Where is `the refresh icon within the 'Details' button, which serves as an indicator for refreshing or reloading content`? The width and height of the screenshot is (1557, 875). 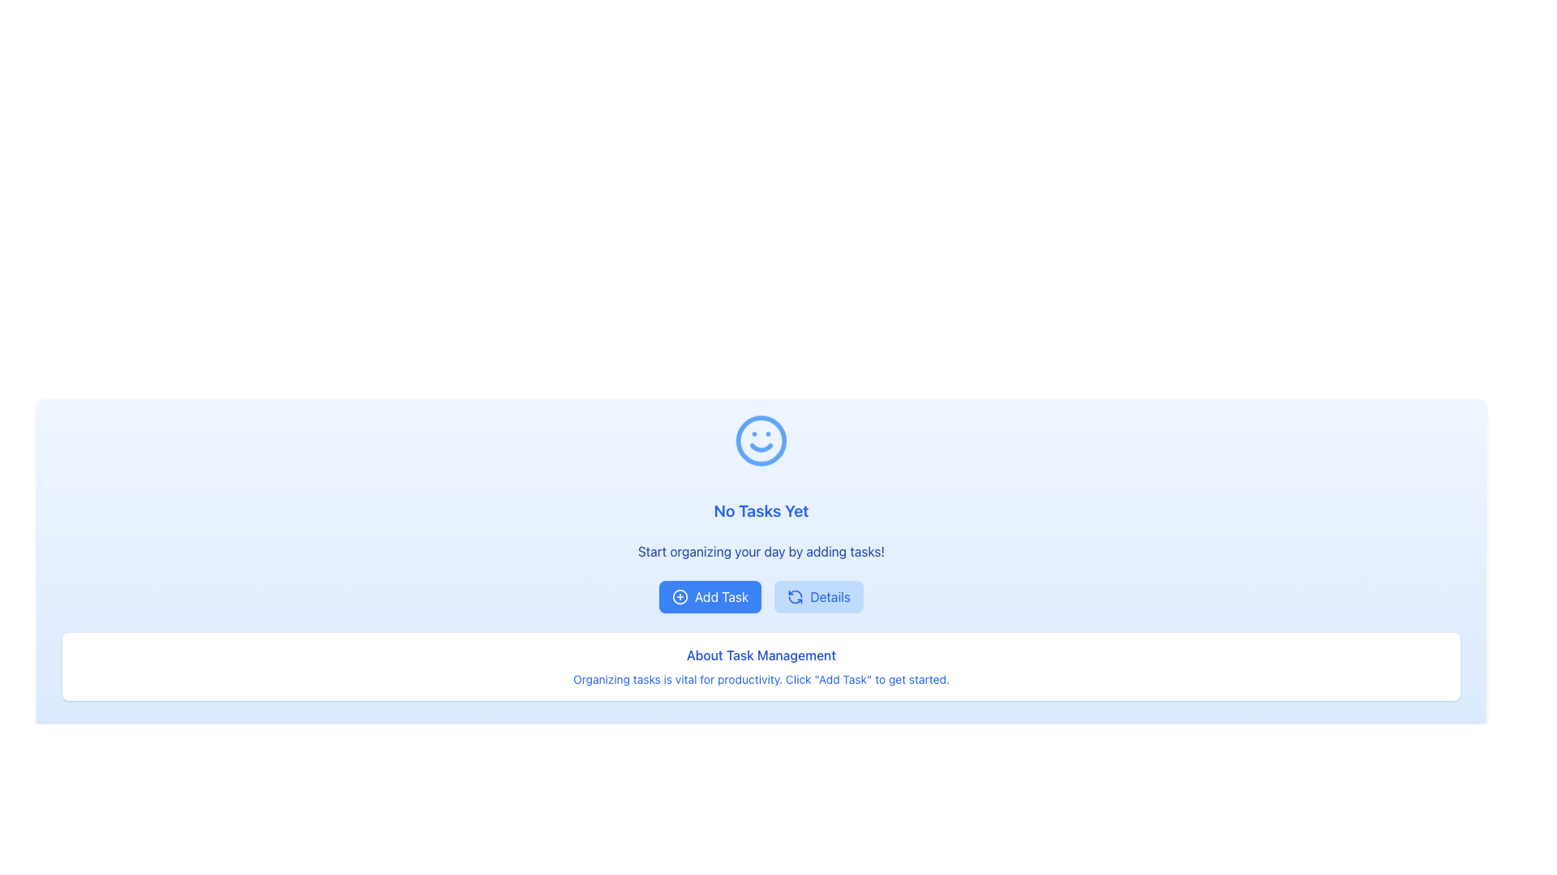 the refresh icon within the 'Details' button, which serves as an indicator for refreshing or reloading content is located at coordinates (796, 596).